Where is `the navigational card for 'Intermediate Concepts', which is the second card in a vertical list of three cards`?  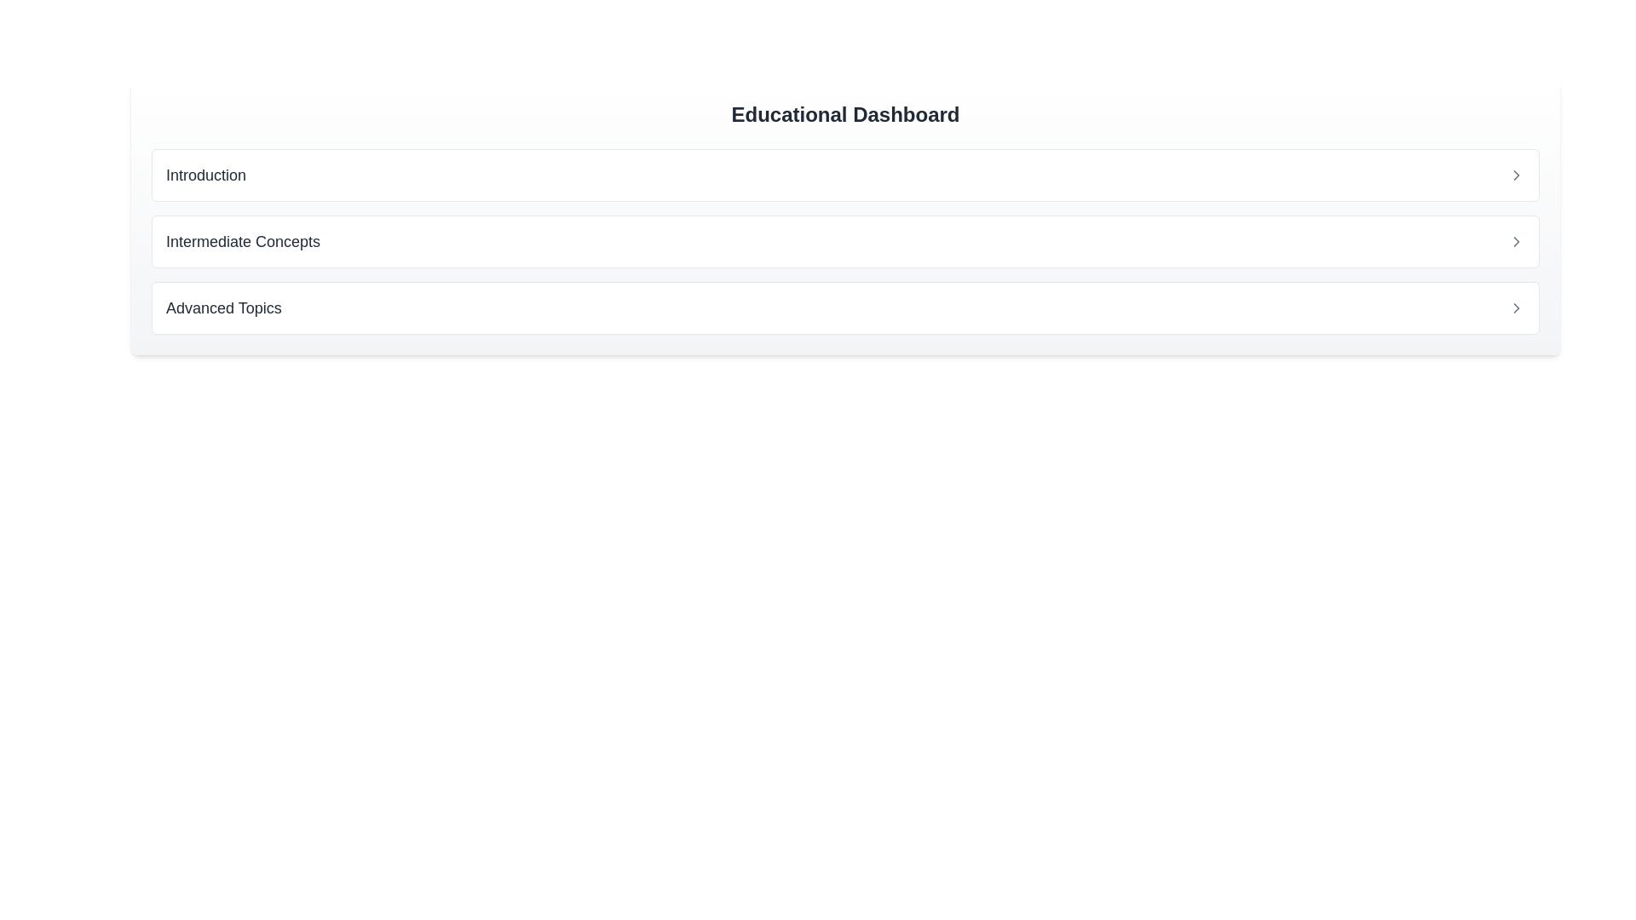 the navigational card for 'Intermediate Concepts', which is the second card in a vertical list of three cards is located at coordinates (845, 242).